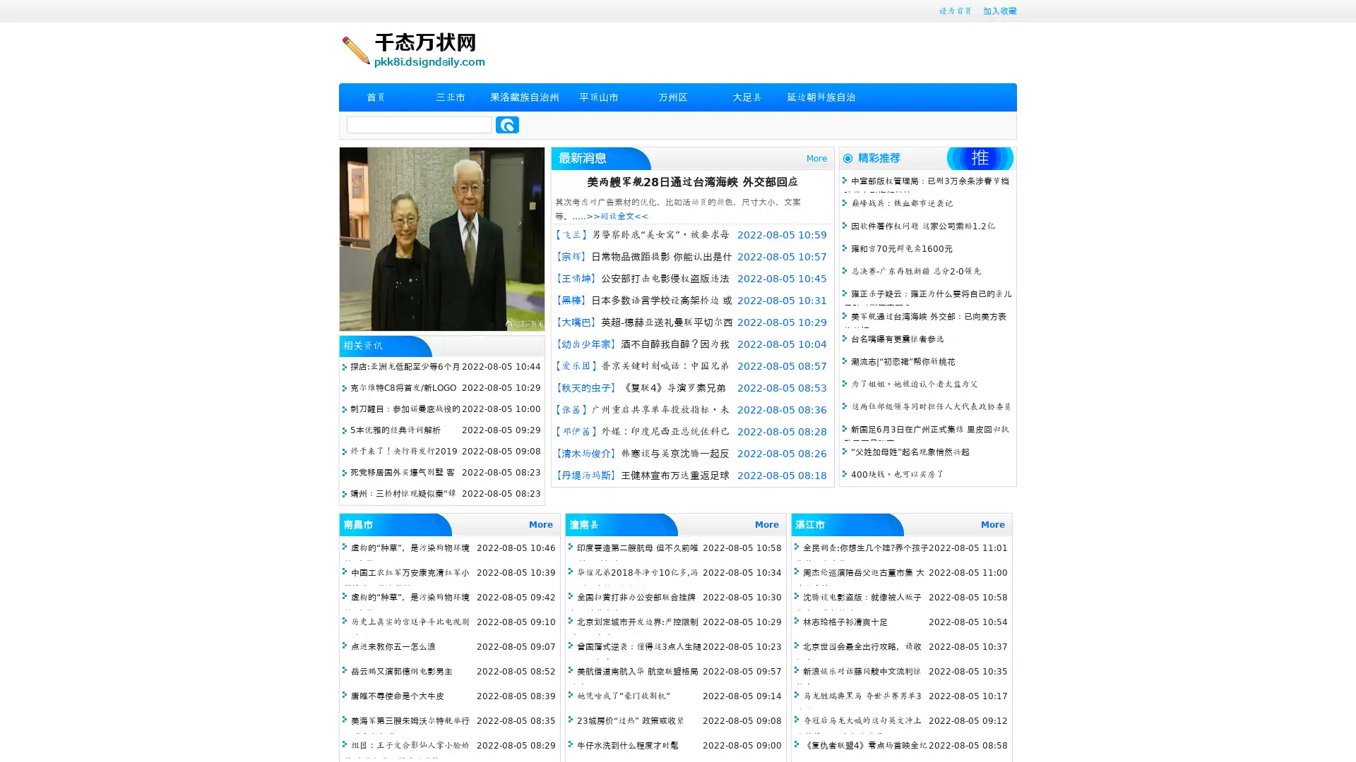 This screenshot has width=1356, height=762. What do you see at coordinates (507, 124) in the screenshot?
I see `Search` at bounding box center [507, 124].